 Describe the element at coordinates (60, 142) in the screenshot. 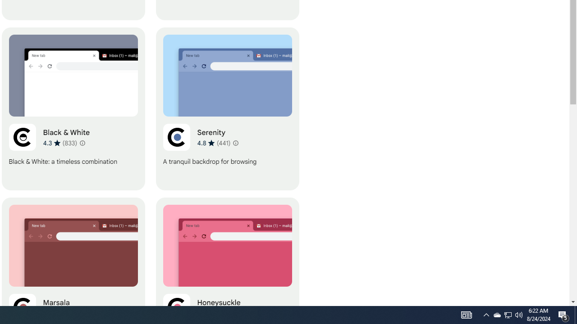

I see `'Average rating 4.3 out of 5 stars. 833 ratings.'` at that location.